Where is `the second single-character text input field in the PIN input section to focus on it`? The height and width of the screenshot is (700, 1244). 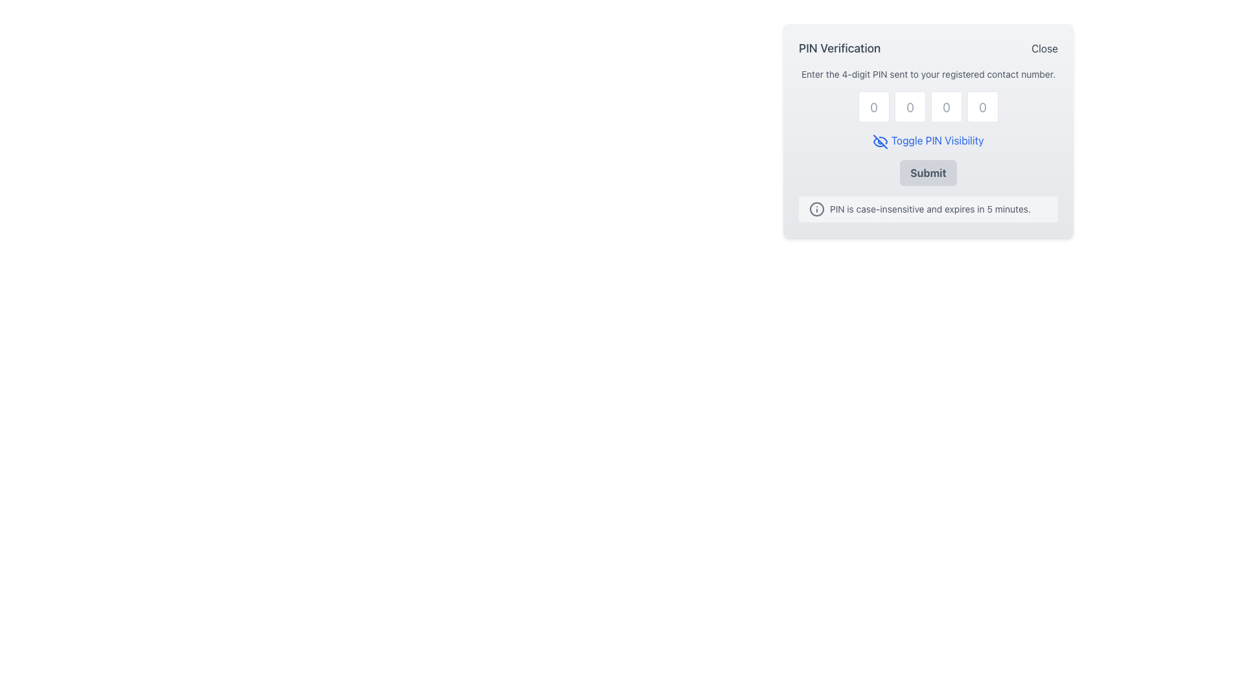
the second single-character text input field in the PIN input section to focus on it is located at coordinates (910, 106).